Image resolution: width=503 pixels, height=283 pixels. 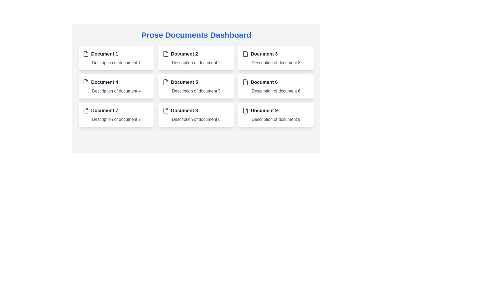 I want to click on the small document file icon, which is characterized by a gray rectangular outline with a folded corner, located to the left of the text 'Document 1' in the 'Prose Documents Dashboard', so click(x=86, y=54).